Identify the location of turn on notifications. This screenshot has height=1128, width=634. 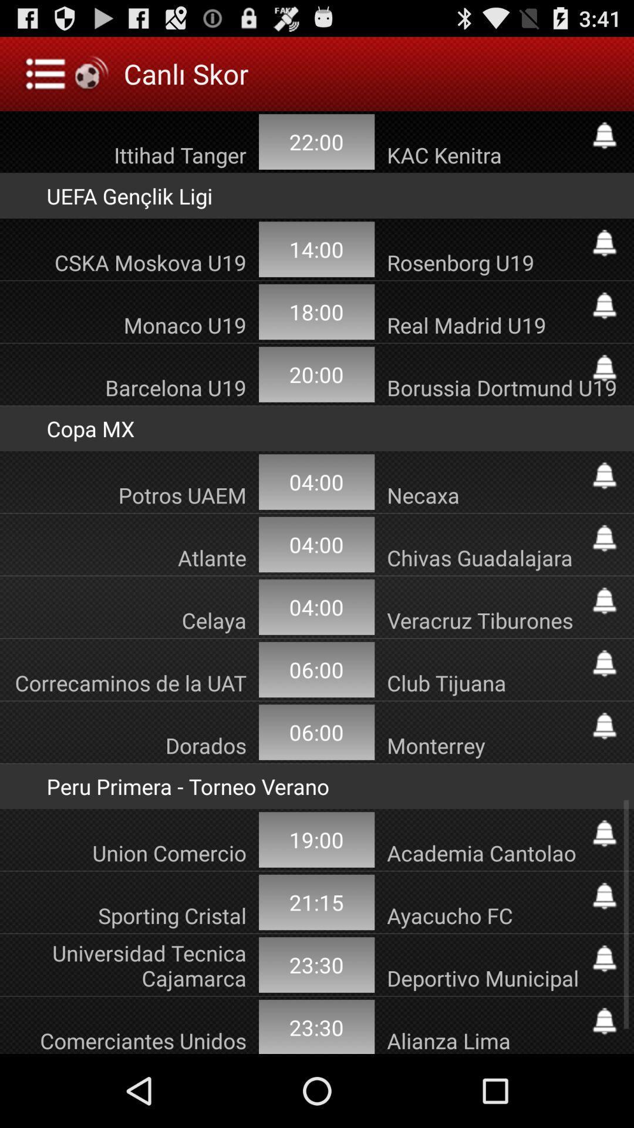
(604, 663).